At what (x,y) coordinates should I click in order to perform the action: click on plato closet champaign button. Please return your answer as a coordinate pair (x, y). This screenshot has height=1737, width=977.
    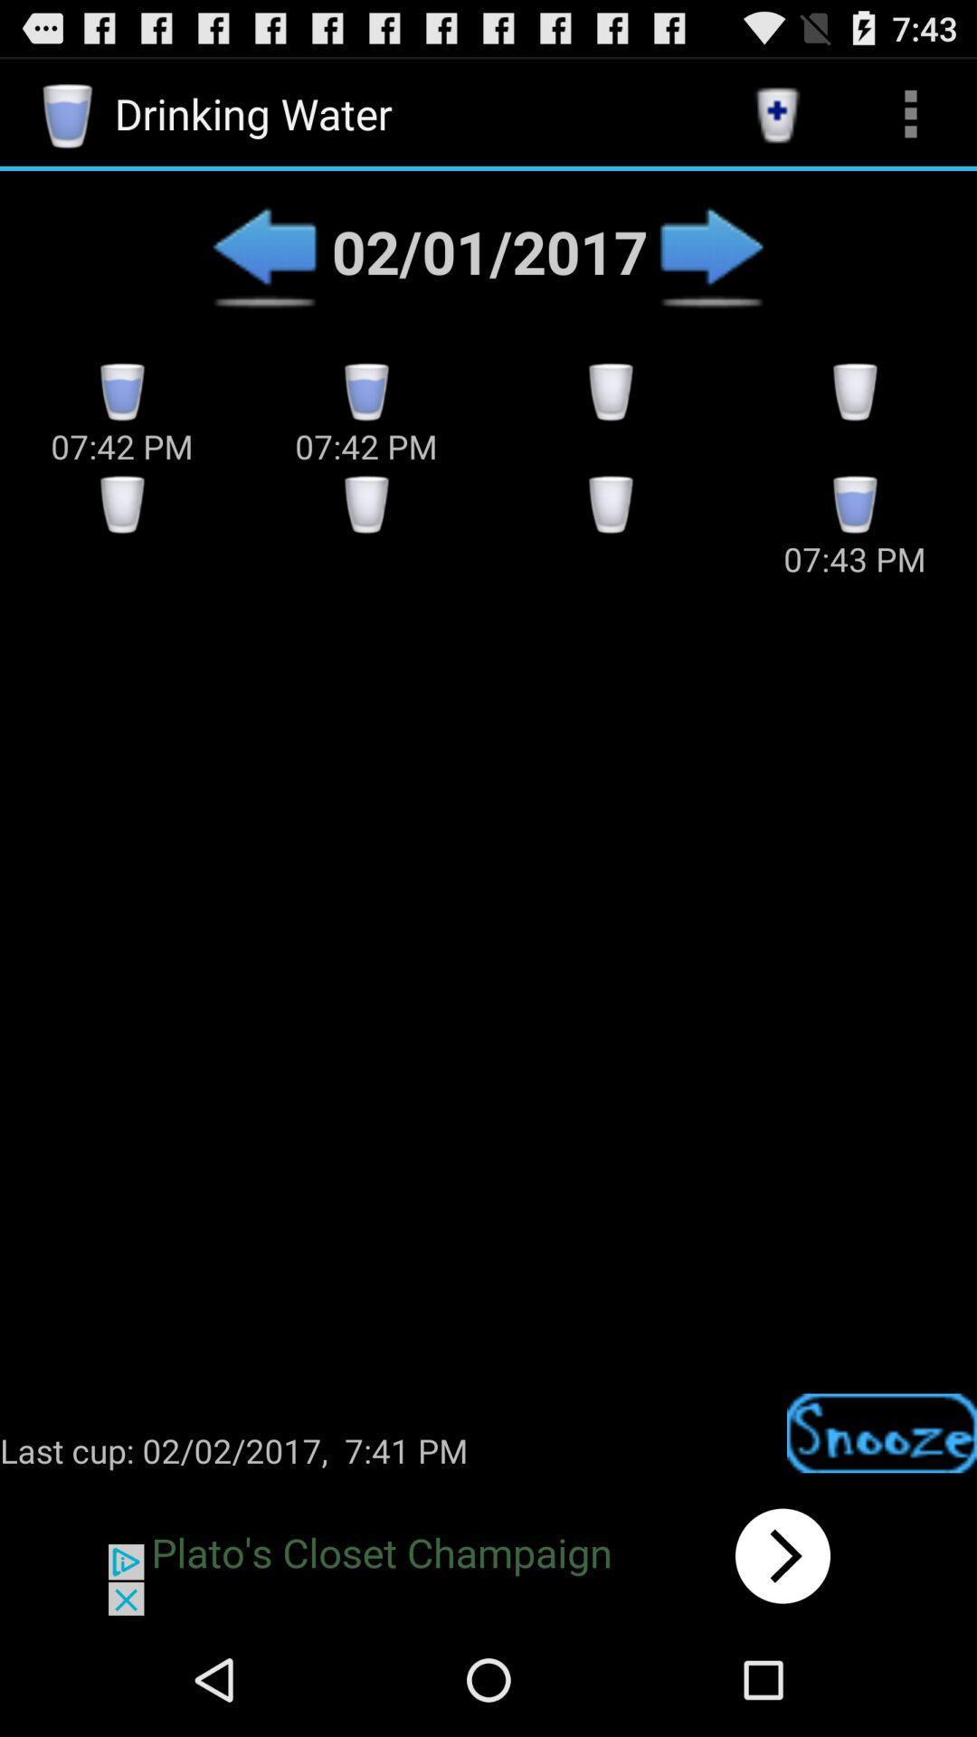
    Looking at the image, I should click on (488, 1555).